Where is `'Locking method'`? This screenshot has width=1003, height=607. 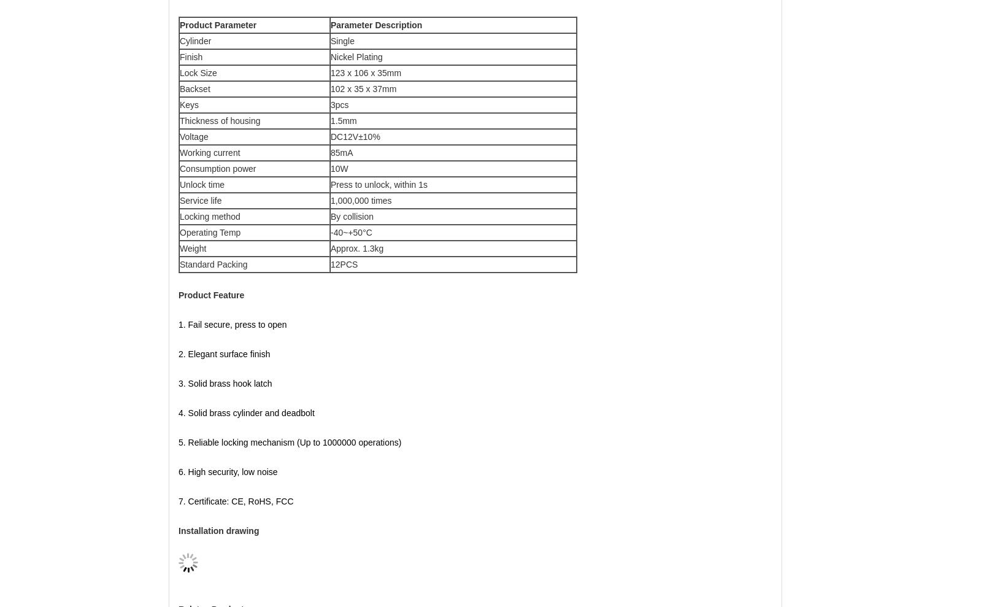
'Locking method' is located at coordinates (209, 215).